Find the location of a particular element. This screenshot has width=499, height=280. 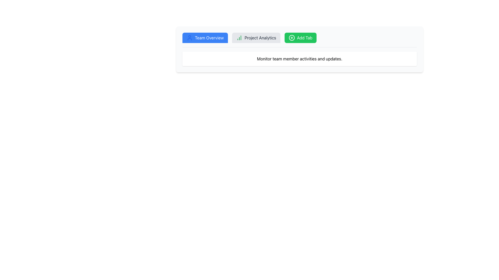

the 'Project Analytics' tab button, which is the second tab in the navigation bar is located at coordinates (256, 38).